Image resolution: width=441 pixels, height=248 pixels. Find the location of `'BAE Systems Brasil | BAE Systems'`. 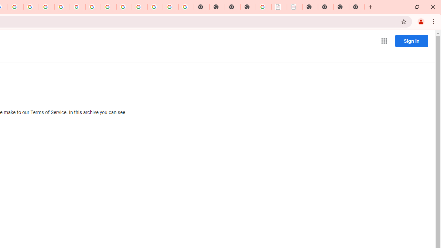

'BAE Systems Brasil | BAE Systems' is located at coordinates (295, 7).